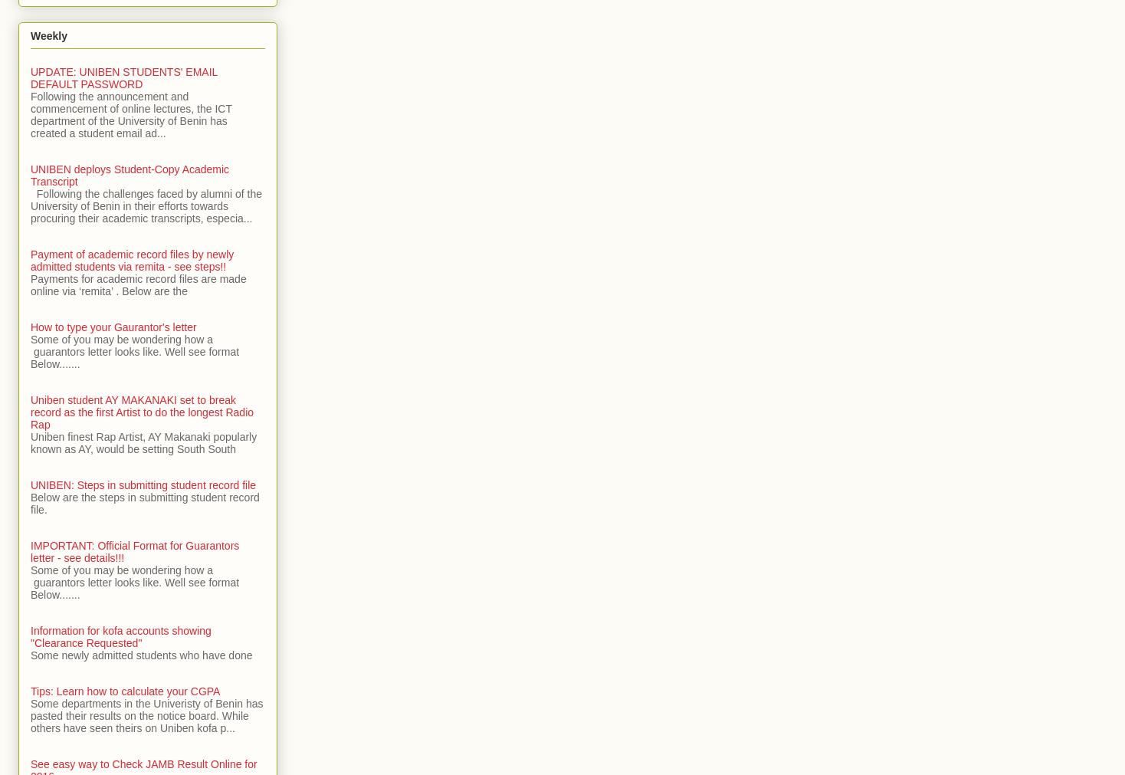  What do you see at coordinates (129, 174) in the screenshot?
I see `'UNIBEN deploys Student-Copy Academic Transcript'` at bounding box center [129, 174].